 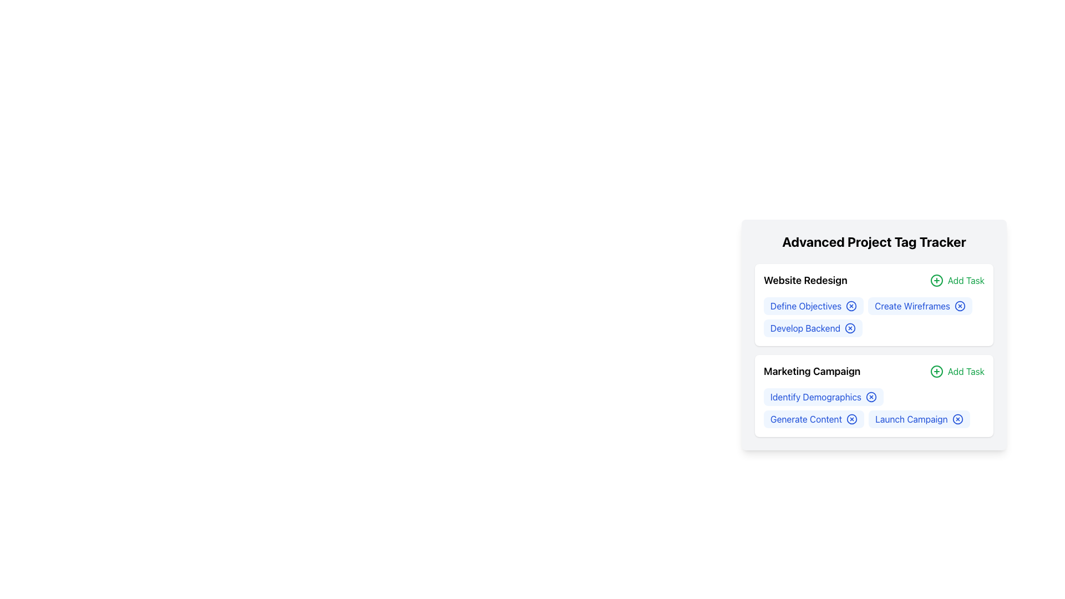 What do you see at coordinates (871, 397) in the screenshot?
I see `the circular icon with a cross symbol inside it, located to the right of the 'Identify Demographics' text in the 'Marketing Campaign' section` at bounding box center [871, 397].